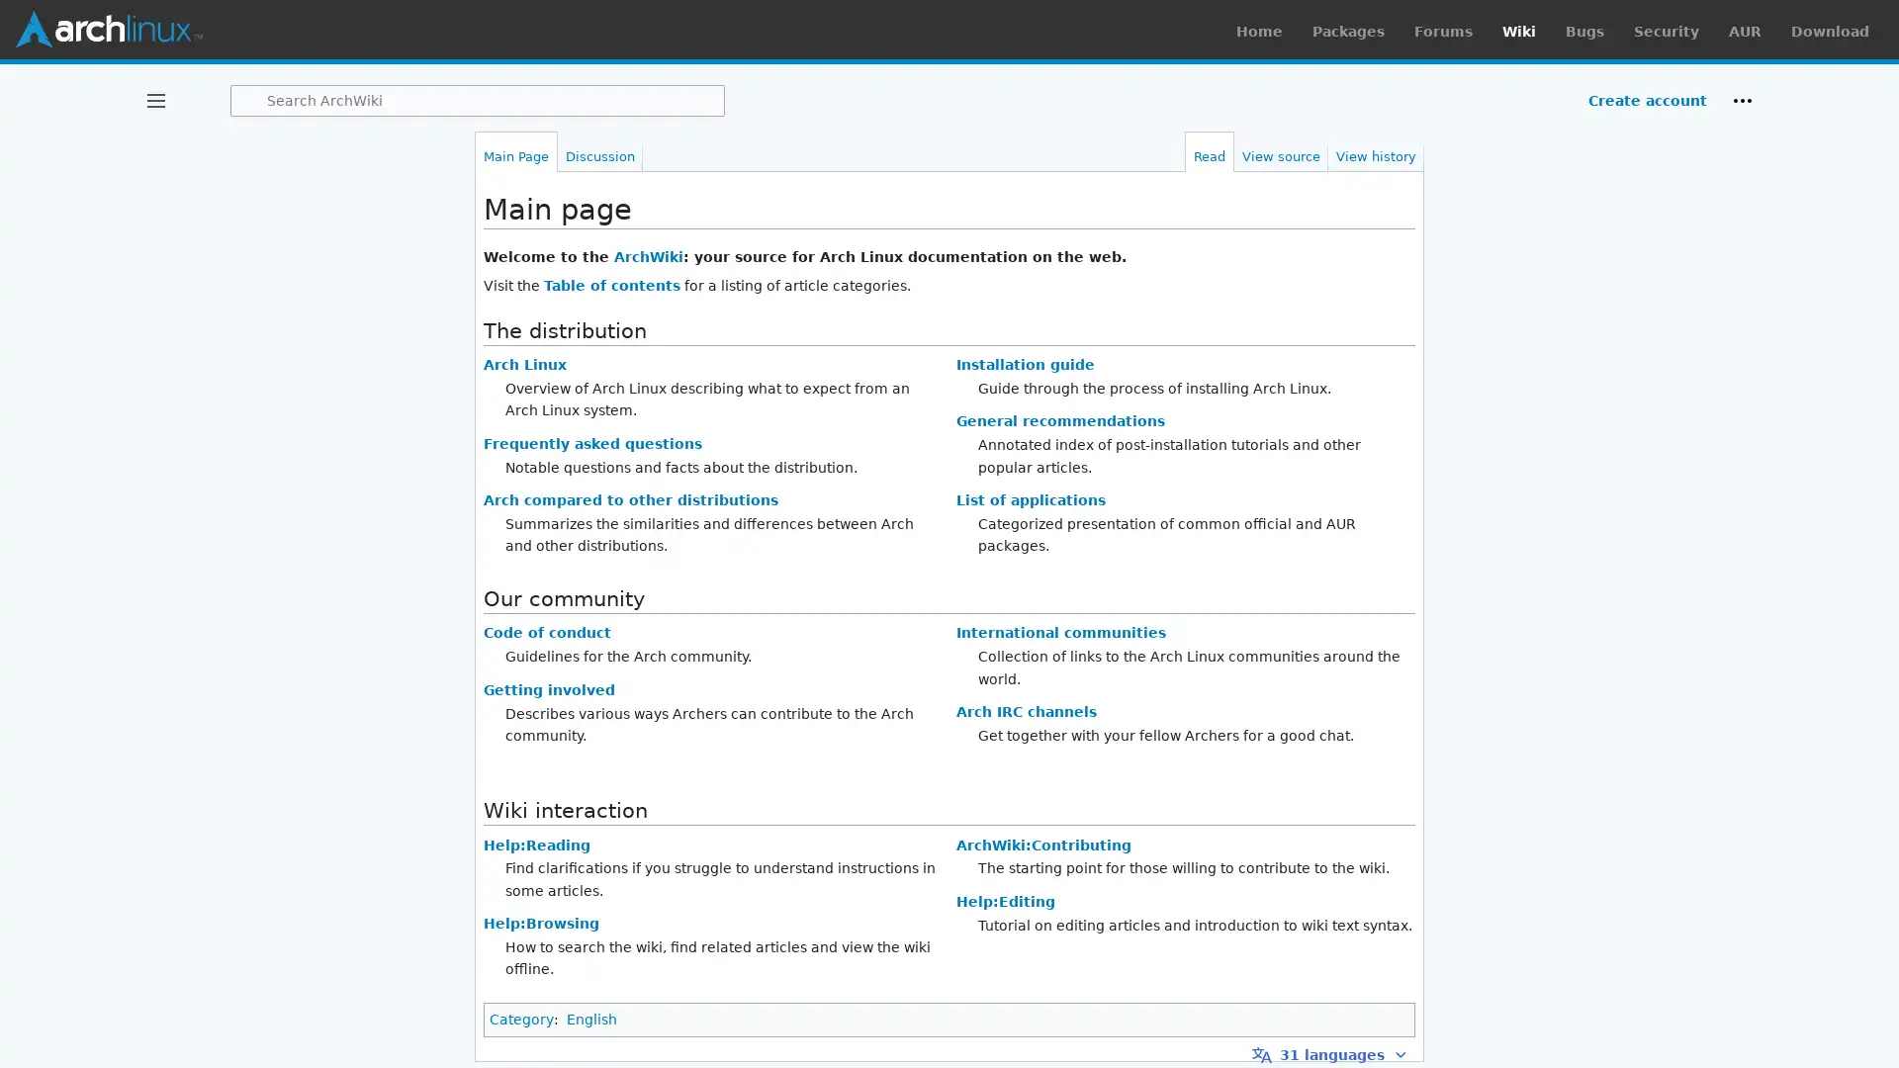 The image size is (1899, 1068). I want to click on Go, so click(248, 100).